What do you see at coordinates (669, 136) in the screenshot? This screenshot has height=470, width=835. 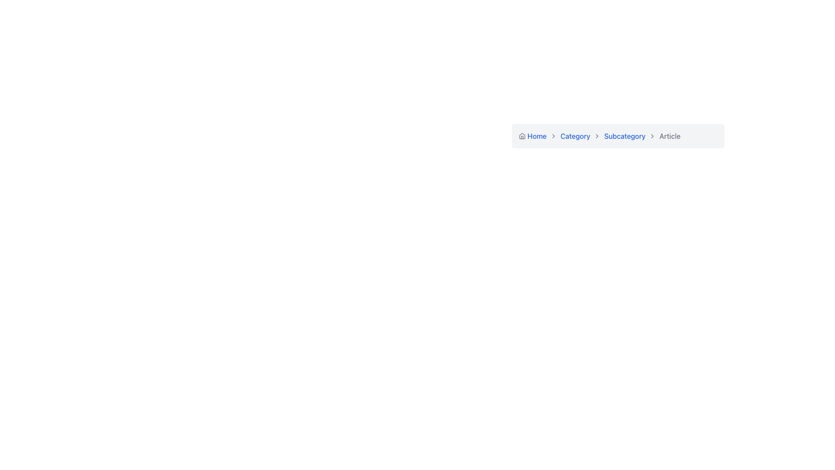 I see `the last Breadcrumb item in the navigation bar located at the top-right corner, which indicates the current page in the website's hierarchy` at bounding box center [669, 136].